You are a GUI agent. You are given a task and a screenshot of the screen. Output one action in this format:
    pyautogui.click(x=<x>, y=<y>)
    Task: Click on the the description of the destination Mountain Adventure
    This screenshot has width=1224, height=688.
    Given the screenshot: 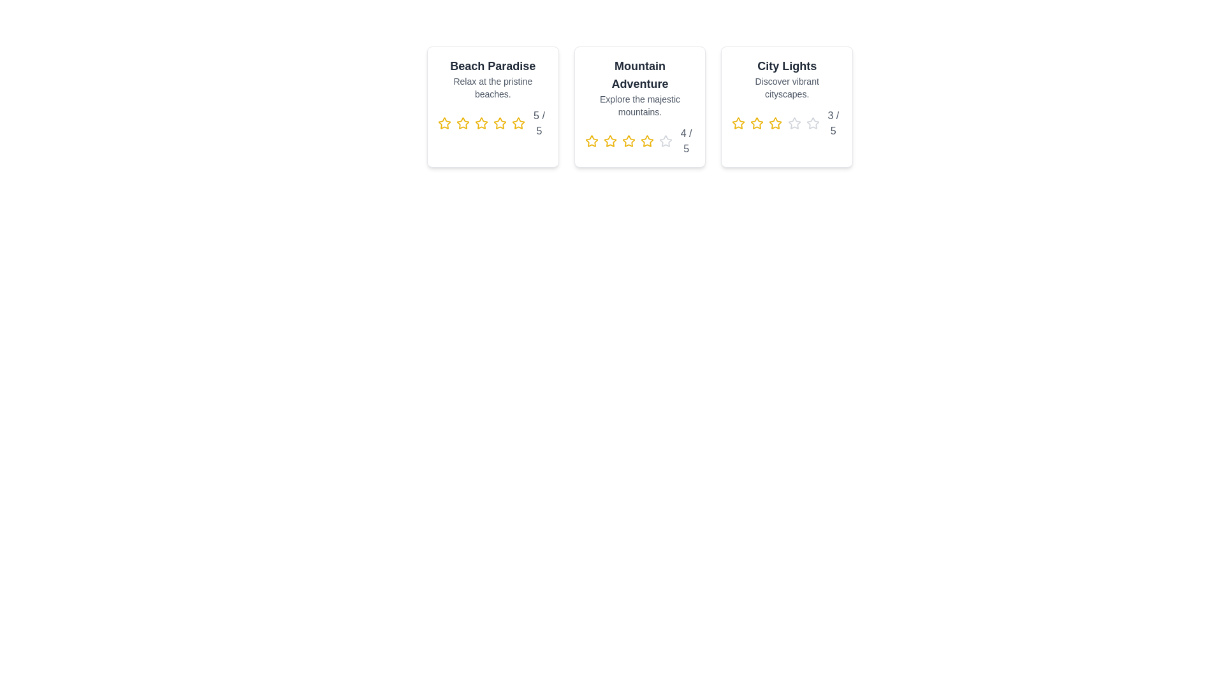 What is the action you would take?
    pyautogui.click(x=639, y=104)
    